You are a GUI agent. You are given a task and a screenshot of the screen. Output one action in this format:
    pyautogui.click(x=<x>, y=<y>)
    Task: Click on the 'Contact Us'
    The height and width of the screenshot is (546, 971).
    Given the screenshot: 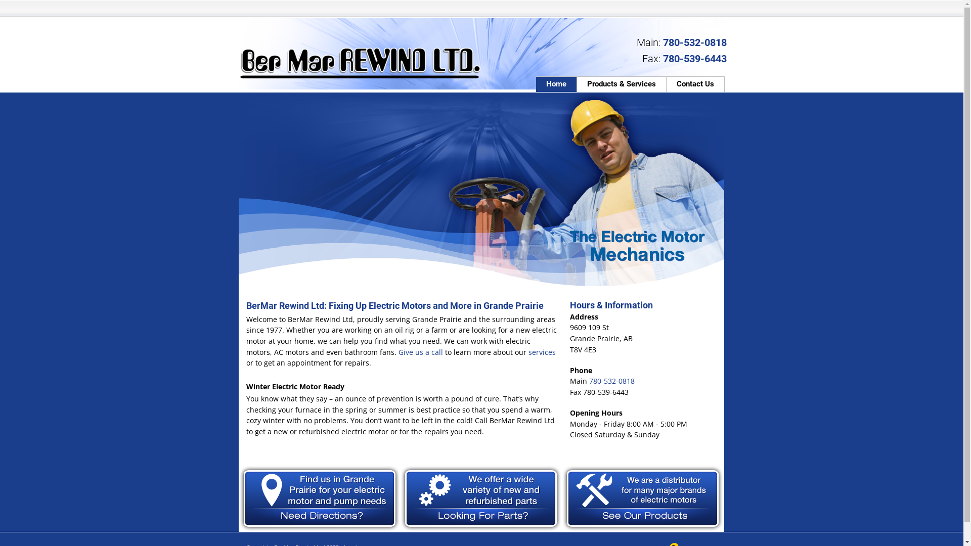 What is the action you would take?
    pyautogui.click(x=695, y=83)
    